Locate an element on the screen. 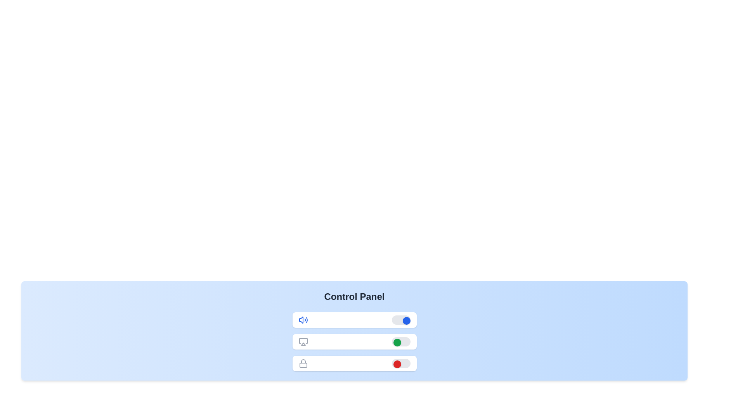 Image resolution: width=745 pixels, height=419 pixels. the Text Label that serves as the heading for the 'Control Panel', which is centrally aligned above the toggle options is located at coordinates (354, 296).